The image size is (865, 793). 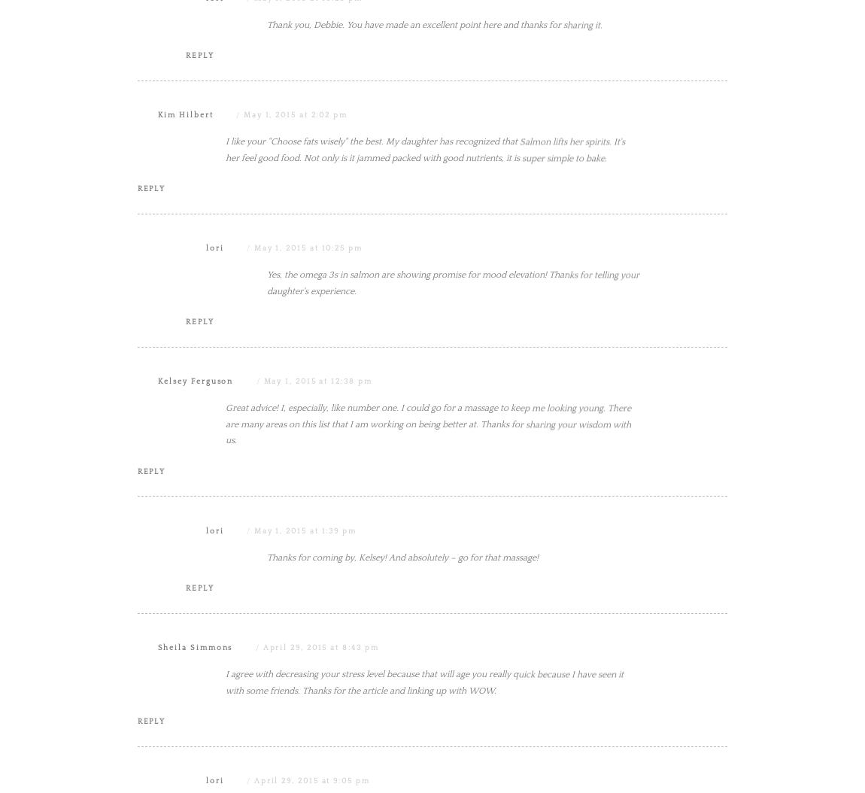 I want to click on 'Thank you, Debbie. You have made an excellent point here and thanks for sharing it.', so click(x=267, y=176).